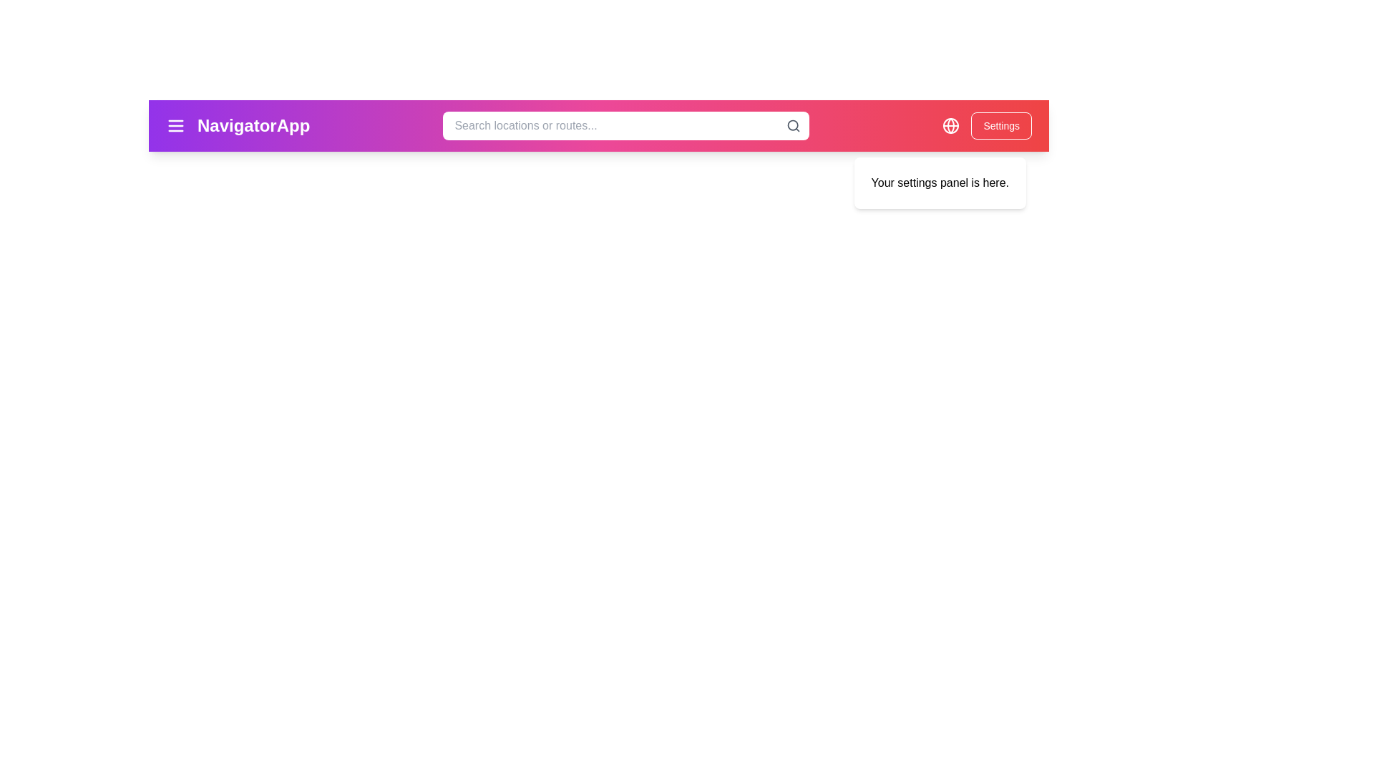 Image resolution: width=1374 pixels, height=773 pixels. Describe the element at coordinates (1000, 125) in the screenshot. I see `'Settings' button to toggle the settings panel` at that location.